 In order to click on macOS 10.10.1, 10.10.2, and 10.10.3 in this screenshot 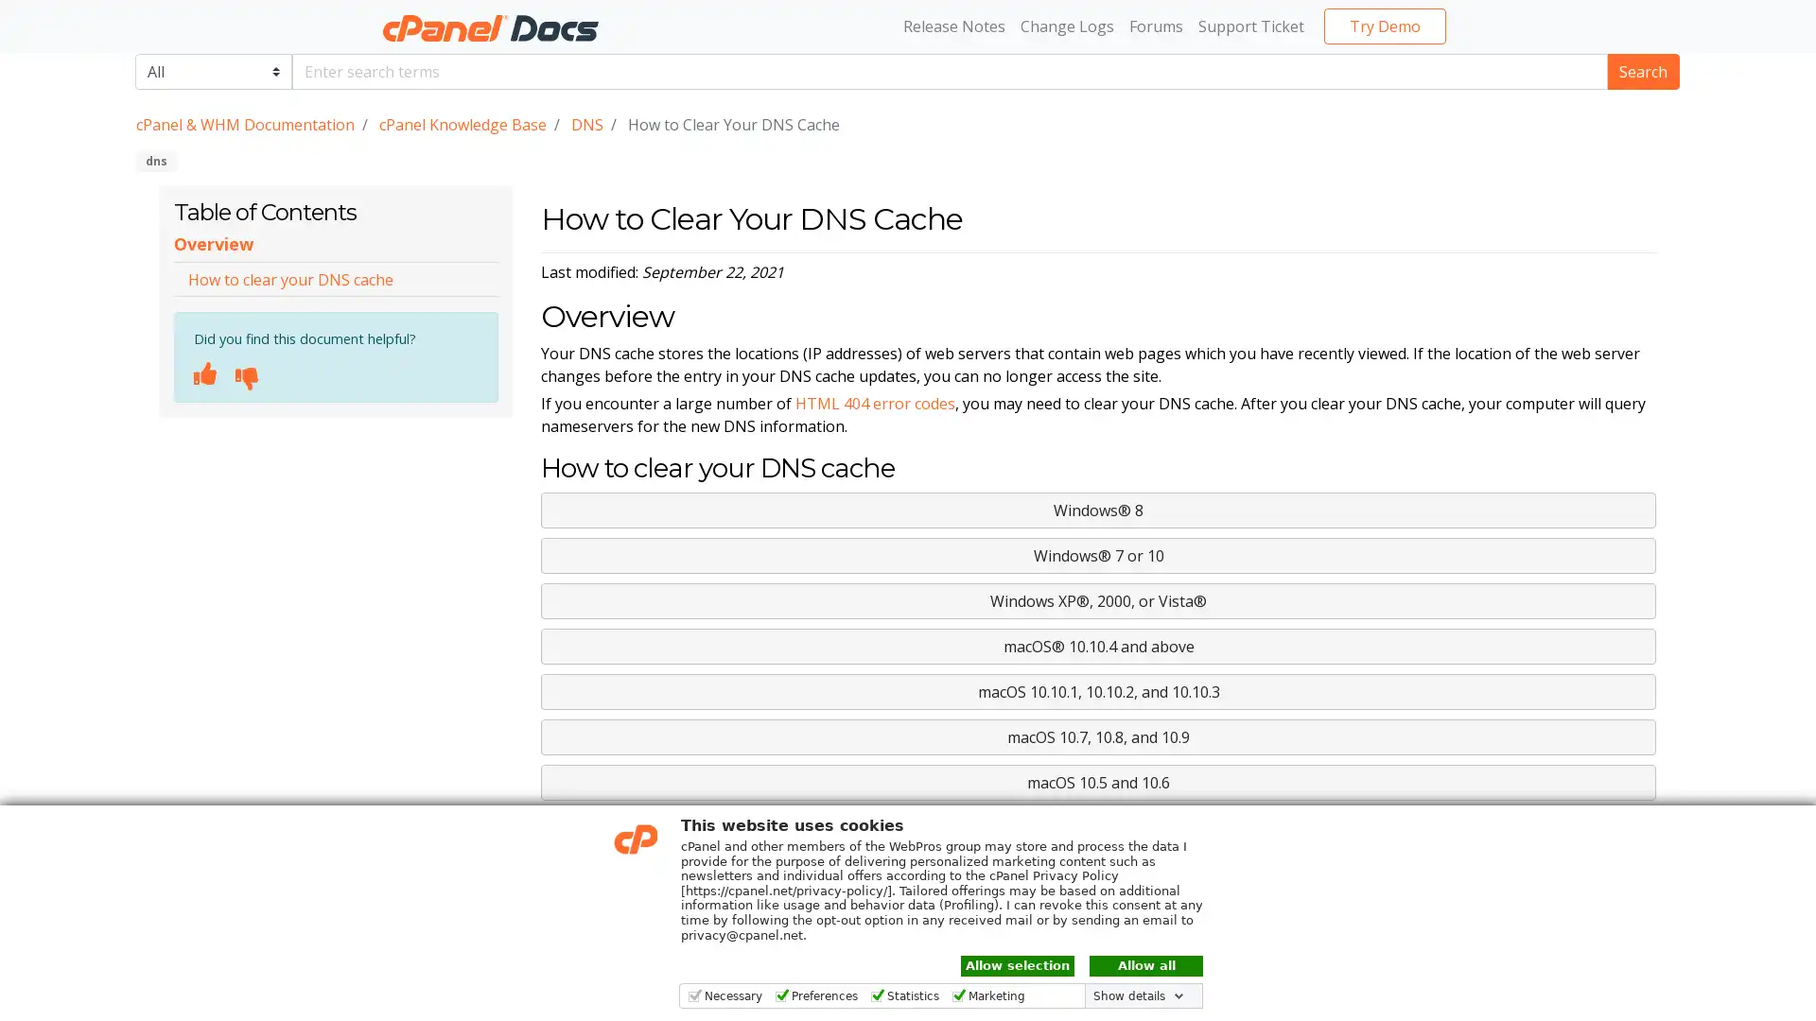, I will do `click(1098, 692)`.